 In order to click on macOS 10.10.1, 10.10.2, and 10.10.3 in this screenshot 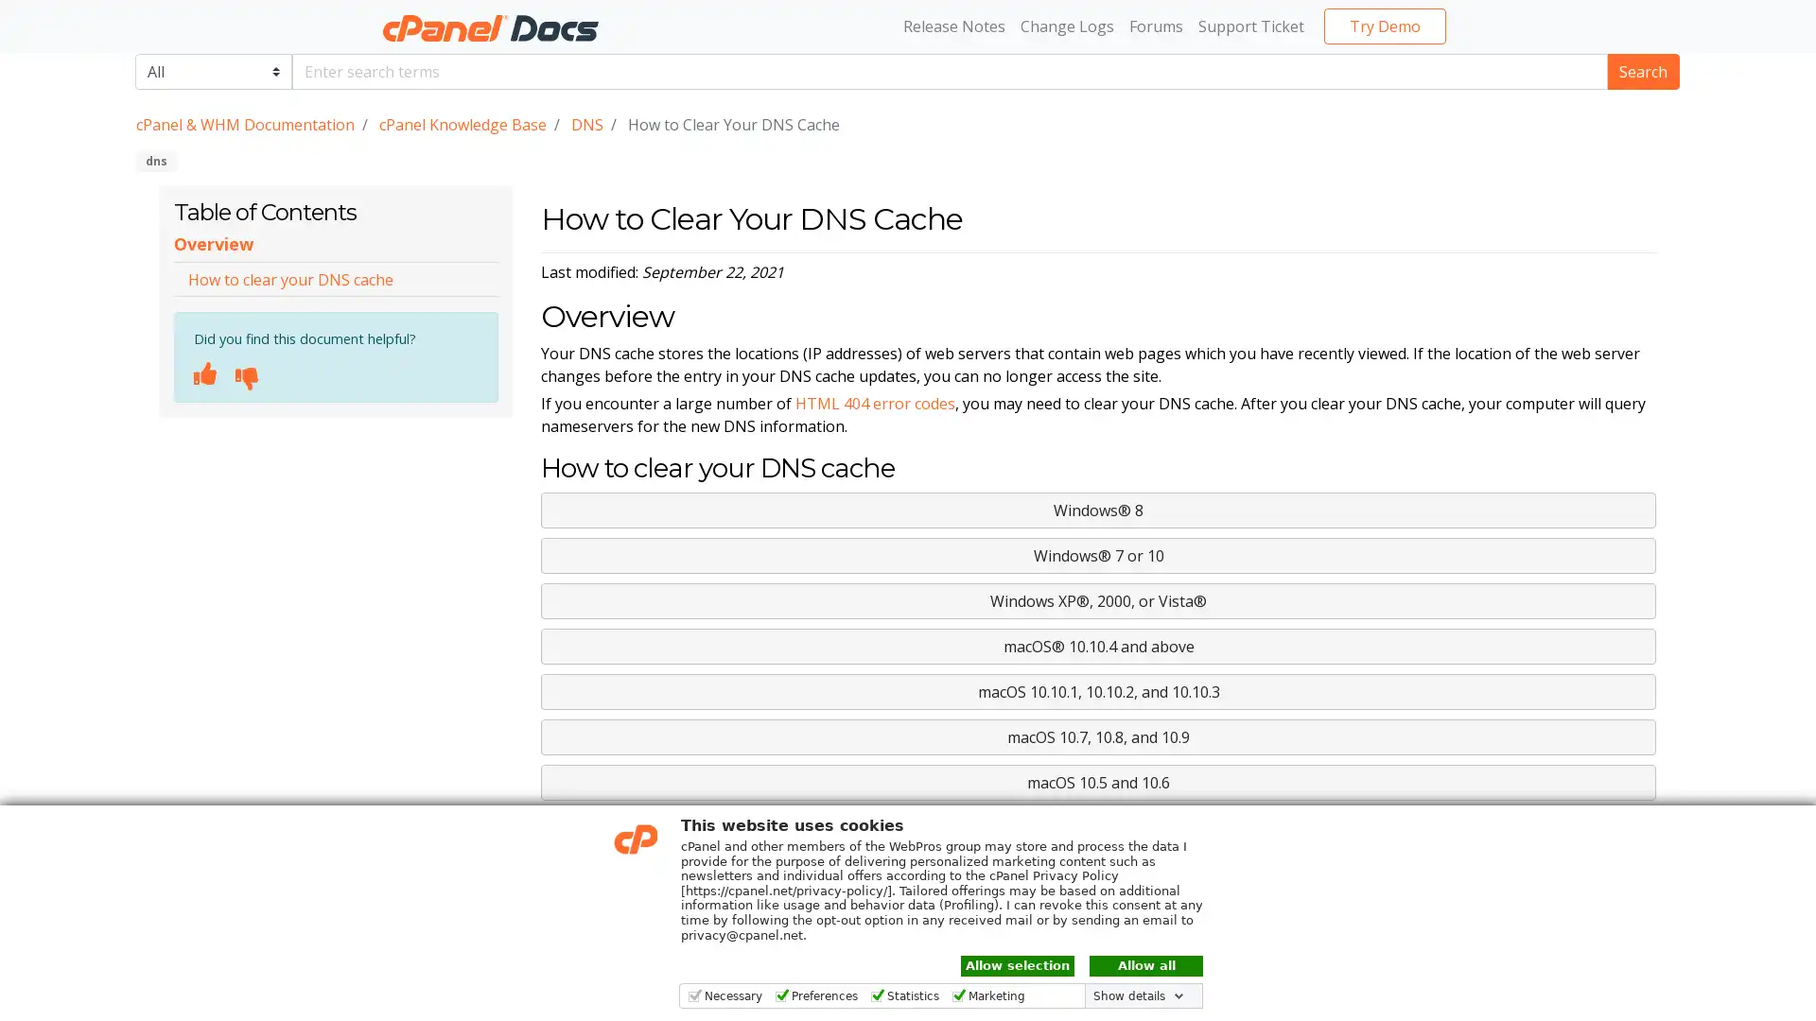, I will do `click(1098, 692)`.